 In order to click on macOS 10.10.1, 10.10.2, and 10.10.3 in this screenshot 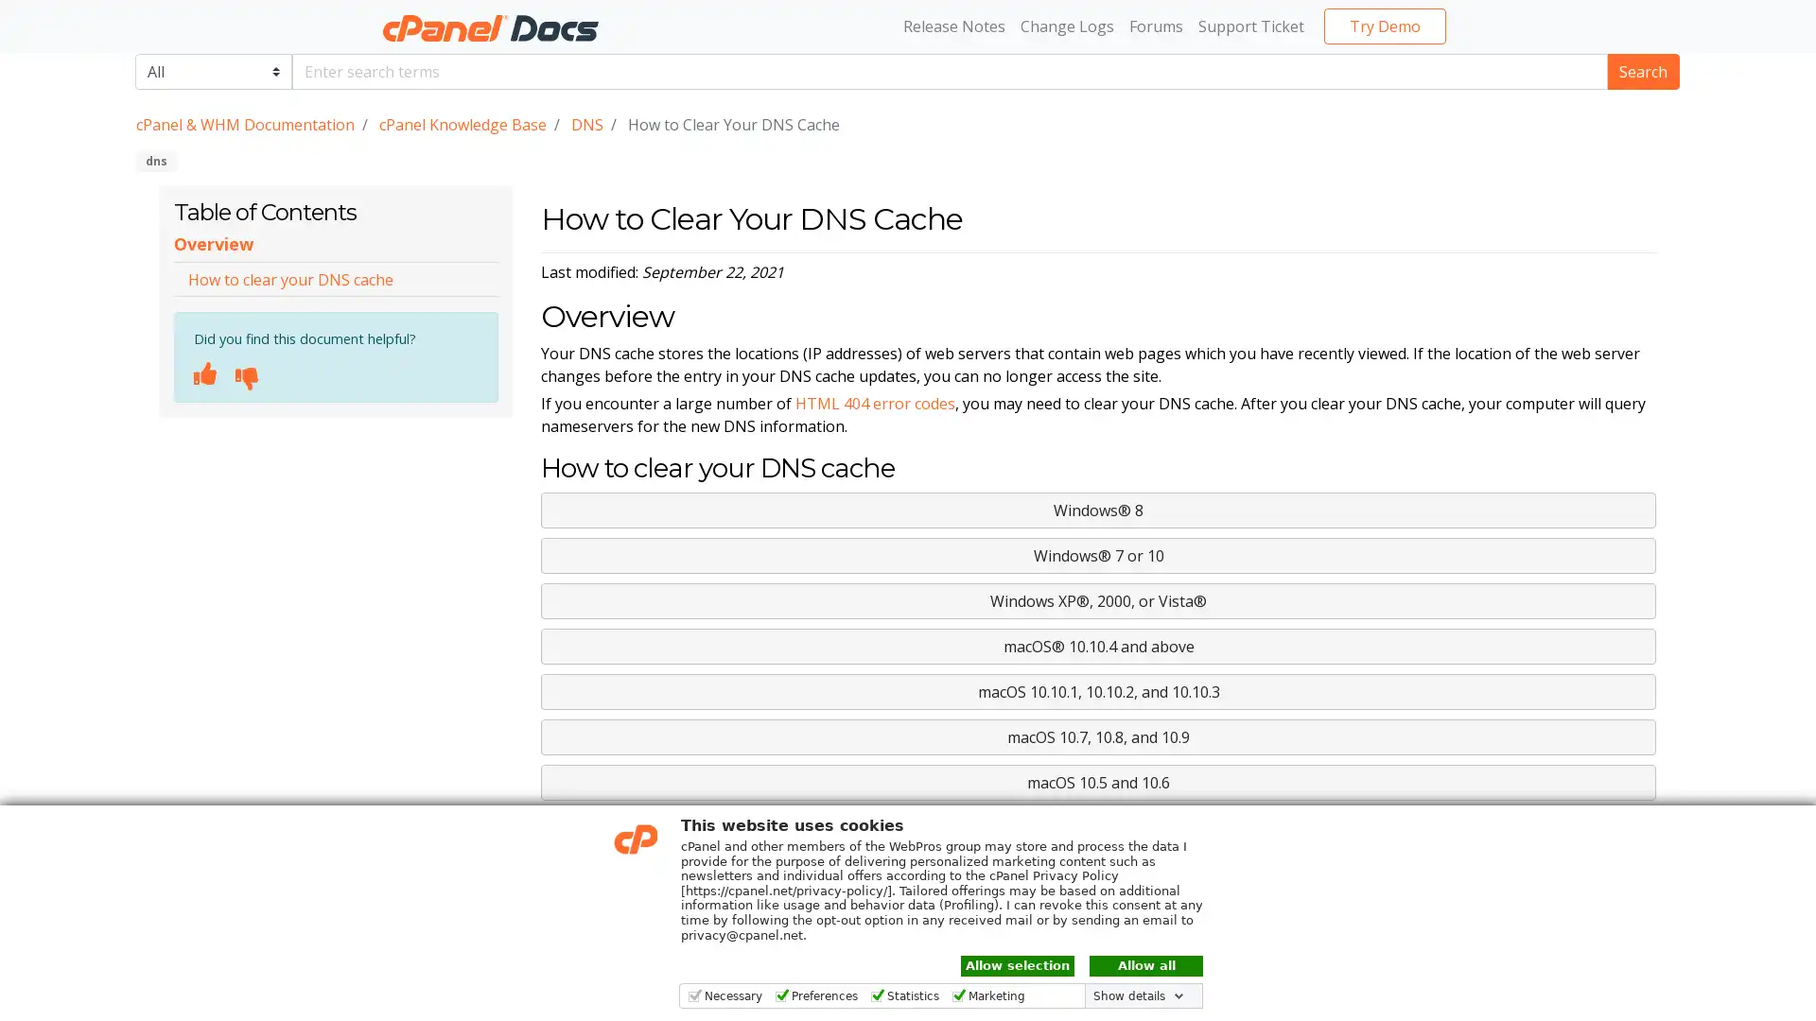, I will do `click(1098, 692)`.